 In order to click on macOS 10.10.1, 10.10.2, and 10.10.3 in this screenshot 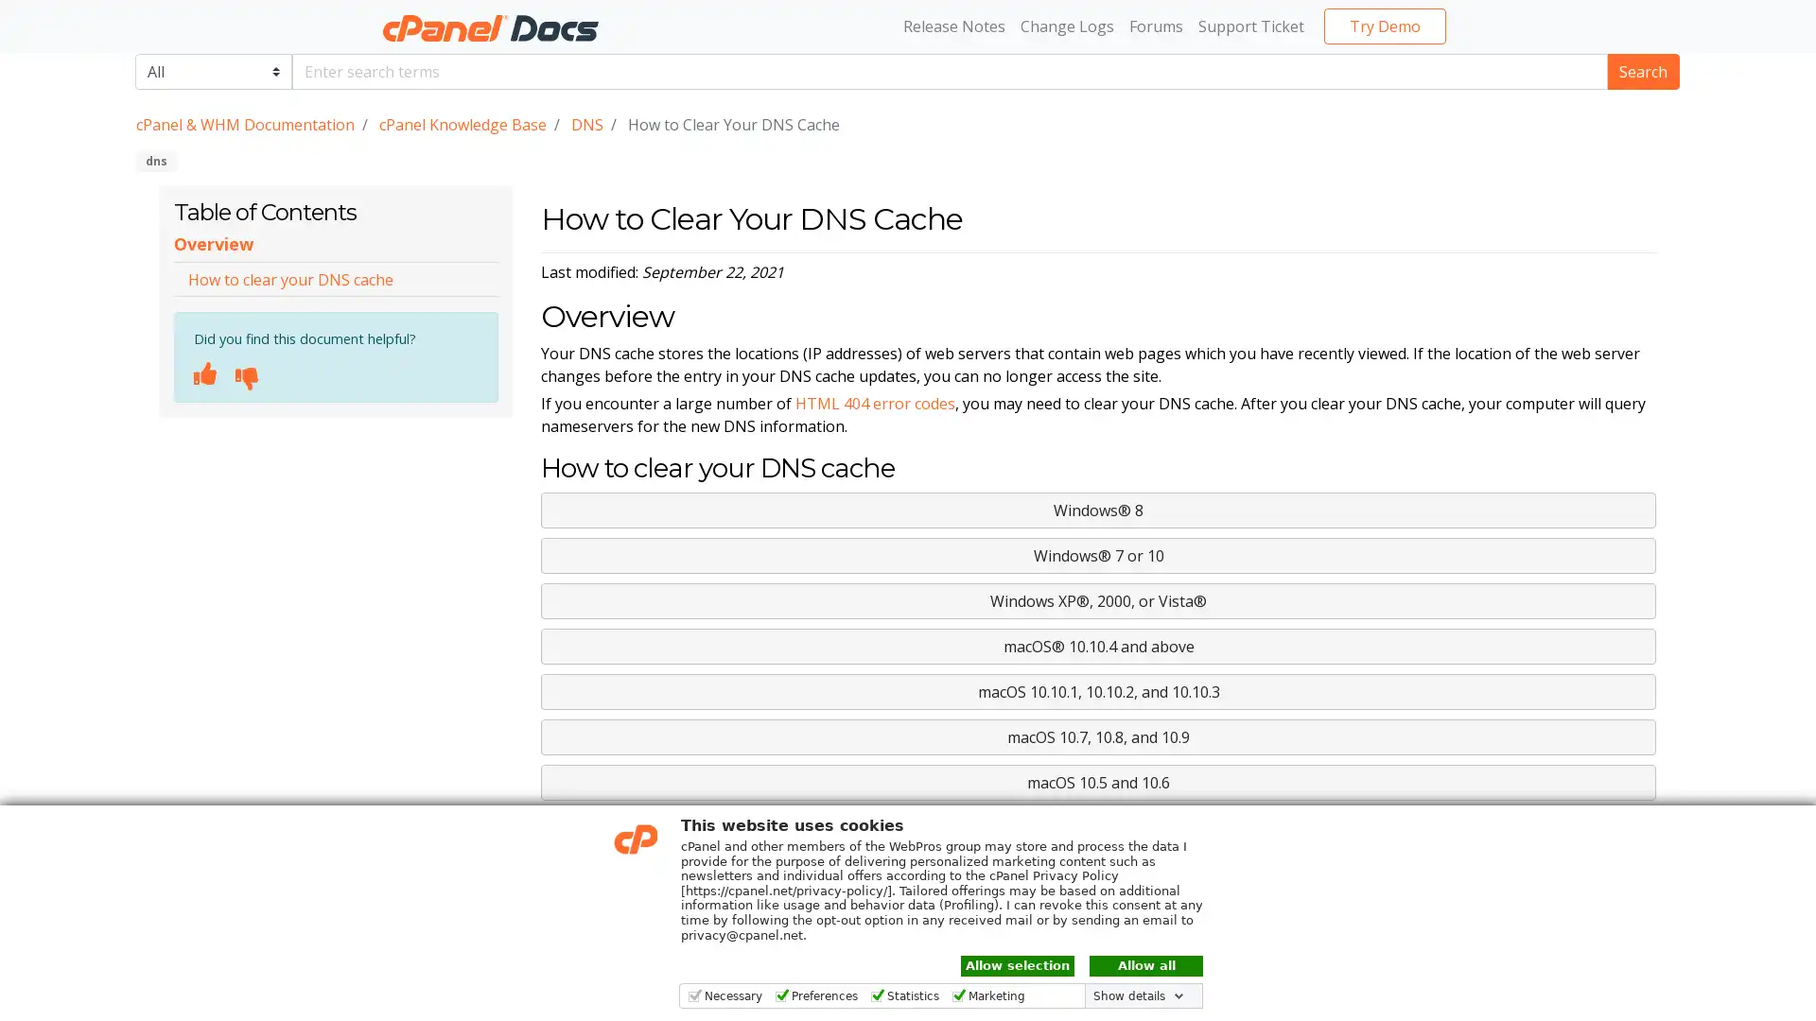, I will do `click(1098, 692)`.